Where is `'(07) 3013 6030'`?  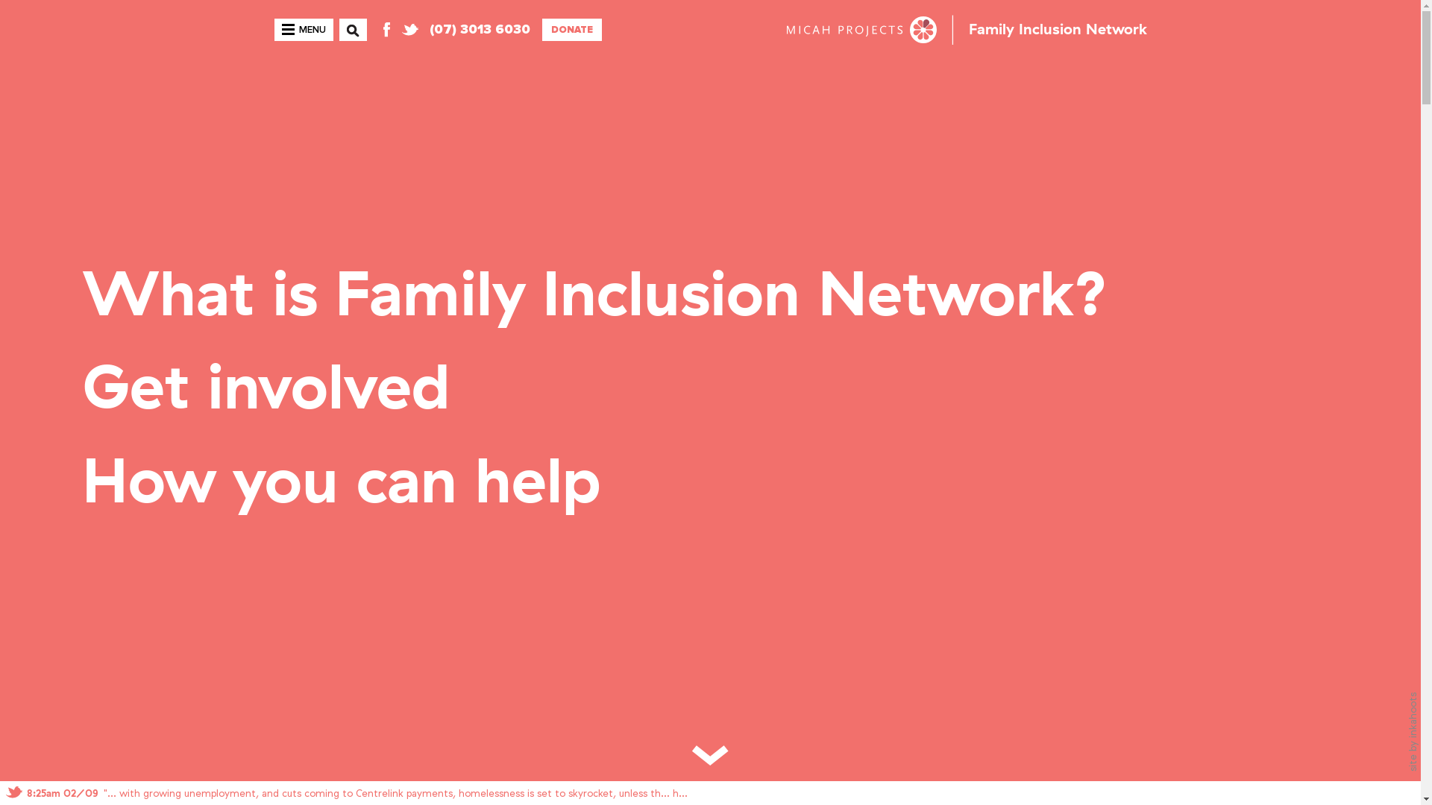 '(07) 3013 6030' is located at coordinates (480, 29).